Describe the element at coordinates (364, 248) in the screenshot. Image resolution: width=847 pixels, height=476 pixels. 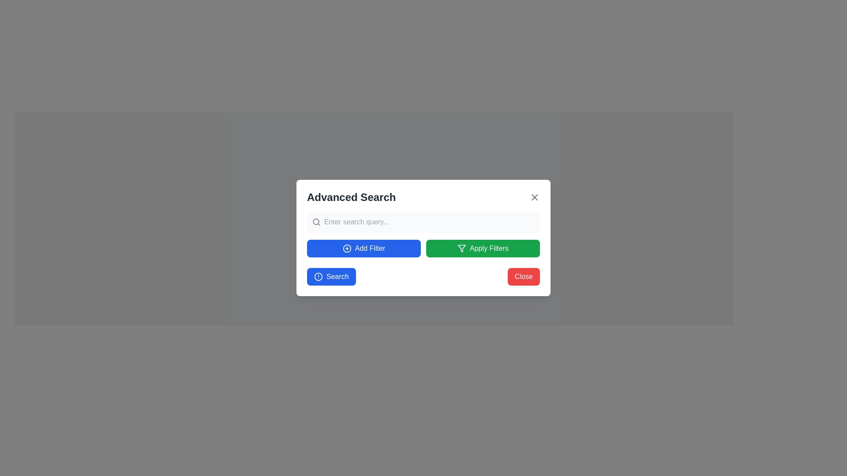
I see `the button that adds a new filter to the search criteria in the advanced search functionality, located in the bottom-left quadrant of the modal` at that location.